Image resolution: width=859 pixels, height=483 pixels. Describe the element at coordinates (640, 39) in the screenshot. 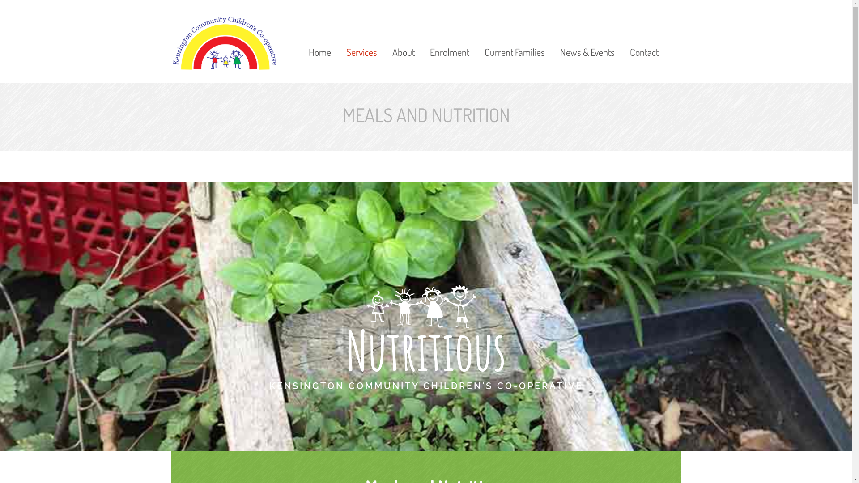

I see `'Contact'` at that location.